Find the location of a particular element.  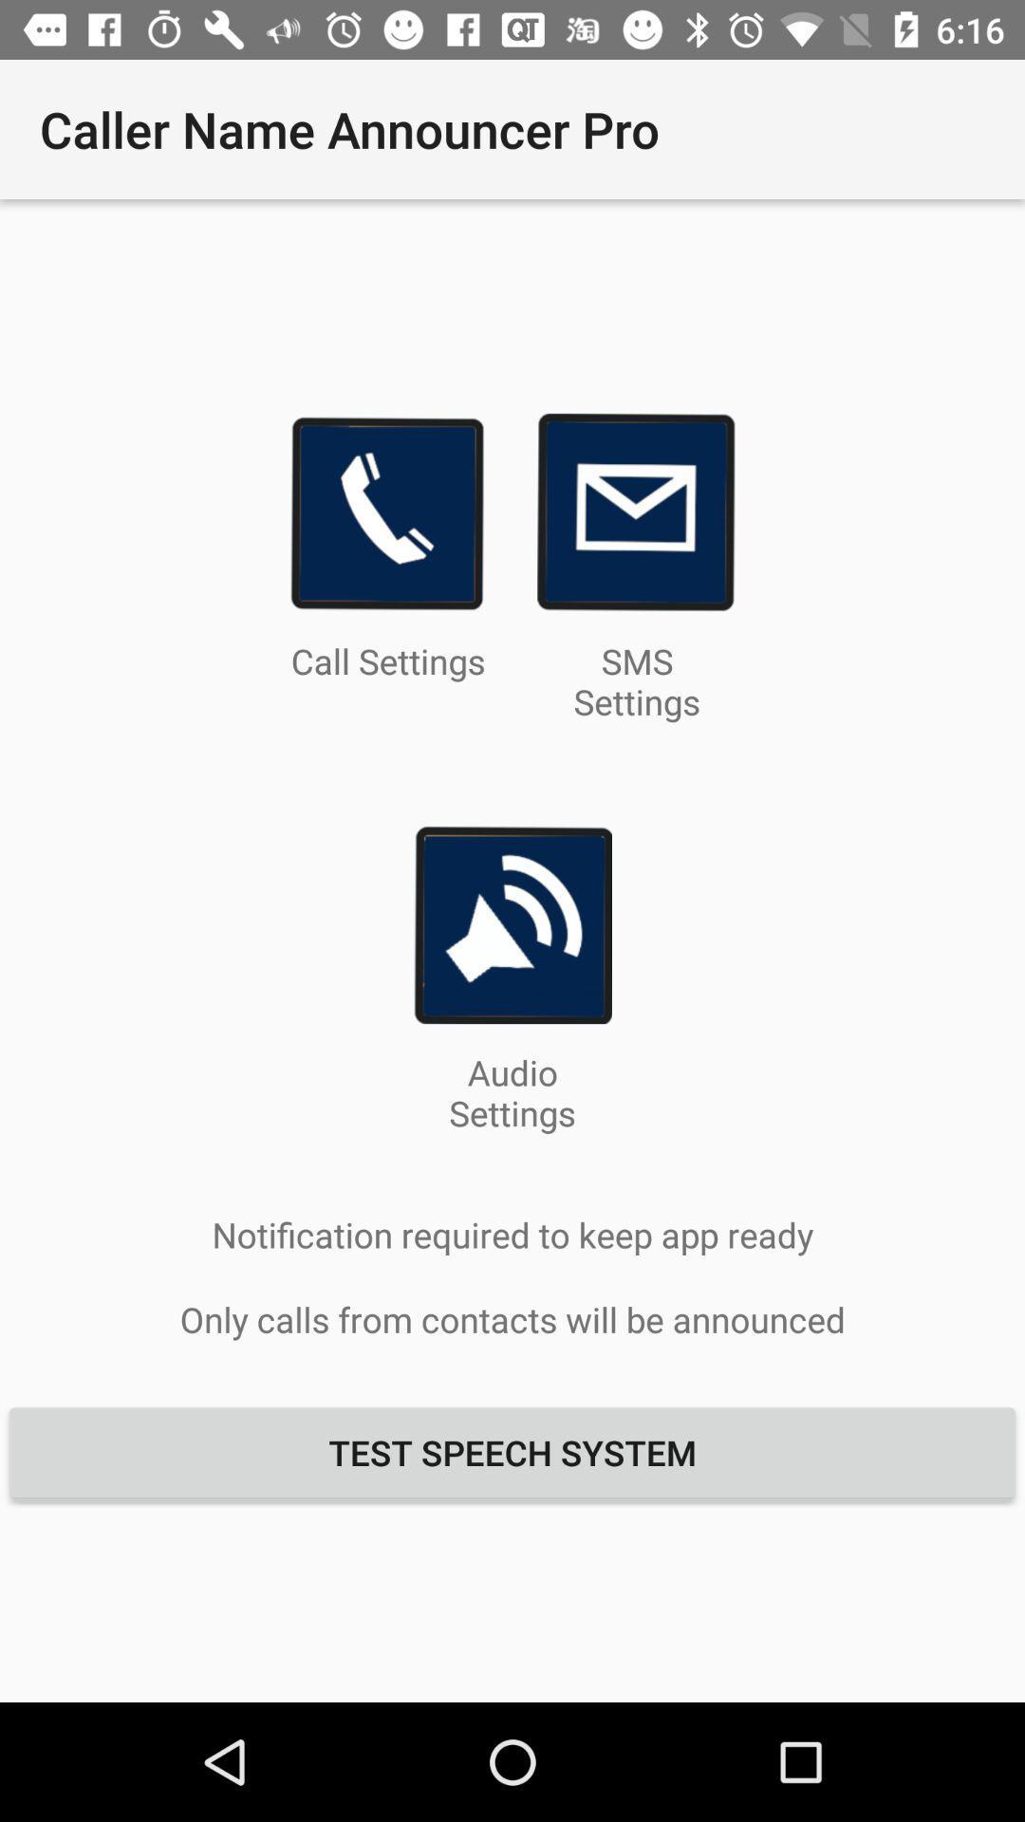

the icon below only calls from icon is located at coordinates (512, 1451).